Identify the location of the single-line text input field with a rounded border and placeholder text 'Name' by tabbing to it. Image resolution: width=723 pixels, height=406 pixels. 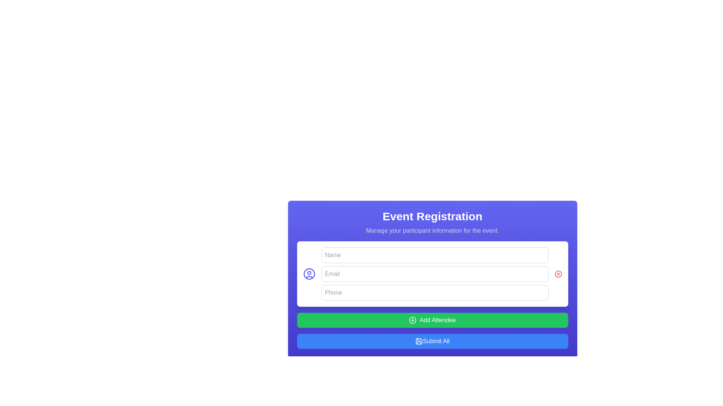
(435, 255).